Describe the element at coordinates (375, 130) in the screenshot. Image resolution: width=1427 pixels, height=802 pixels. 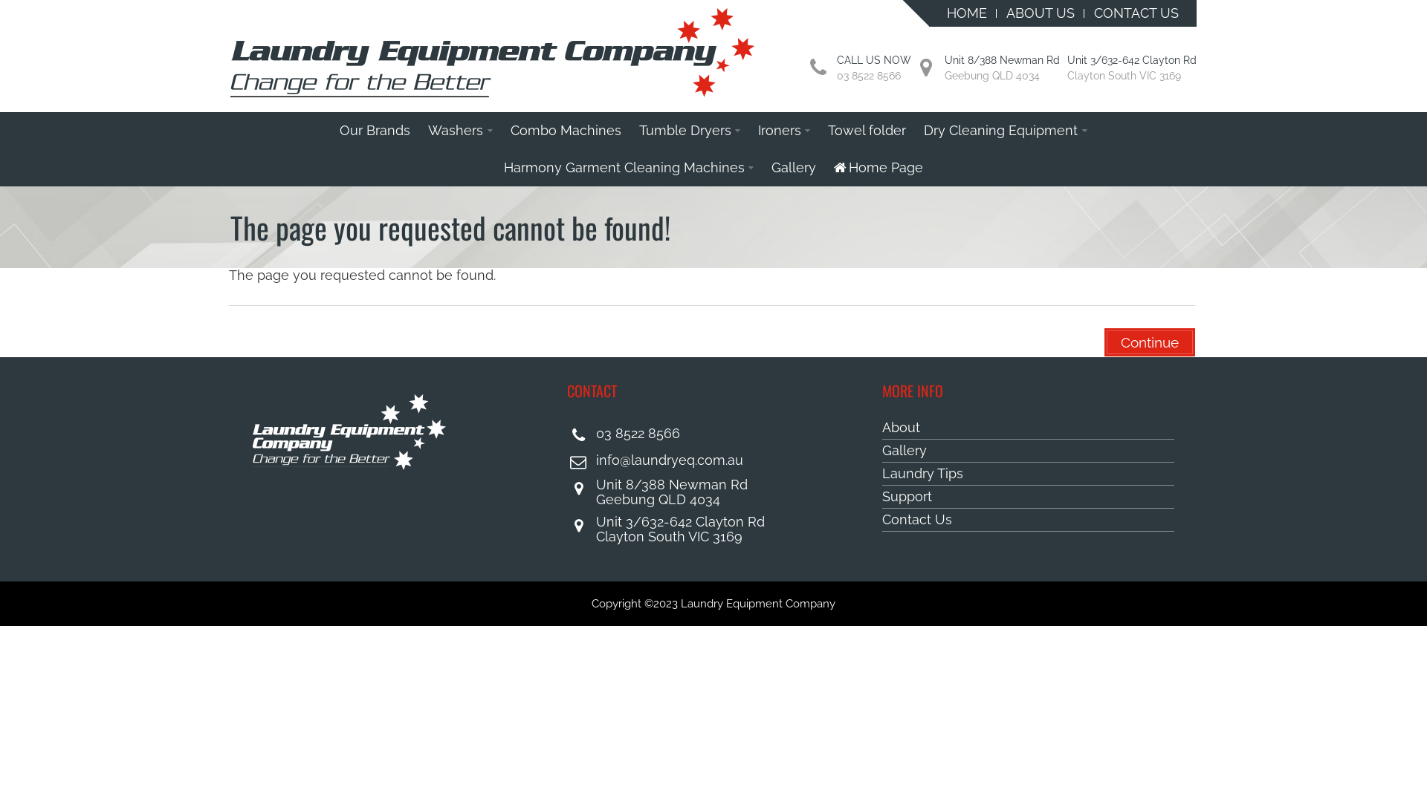
I see `'Our Brands'` at that location.